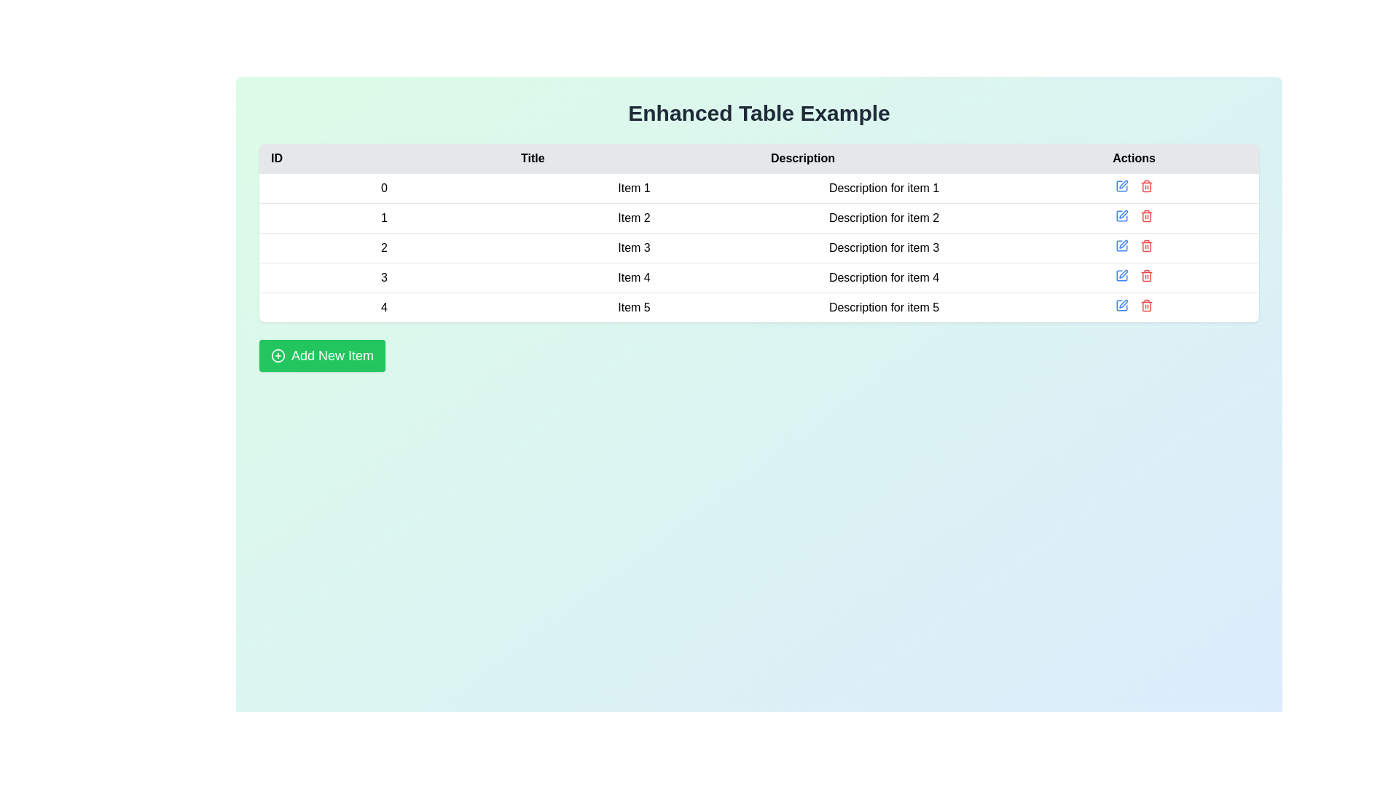  I want to click on the text label displaying 'Description for item 5' located in the last row of the table, specifically in the 'Description' column, so click(883, 306).